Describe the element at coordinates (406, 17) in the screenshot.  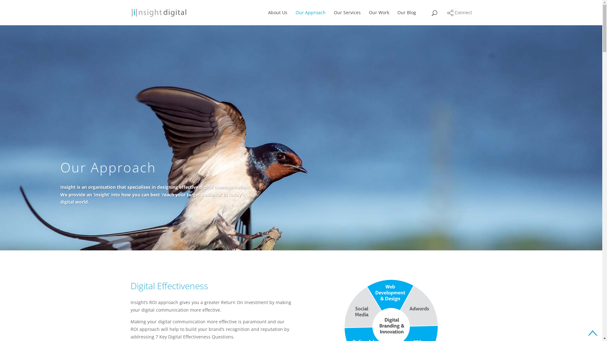
I see `'Our Blog'` at that location.